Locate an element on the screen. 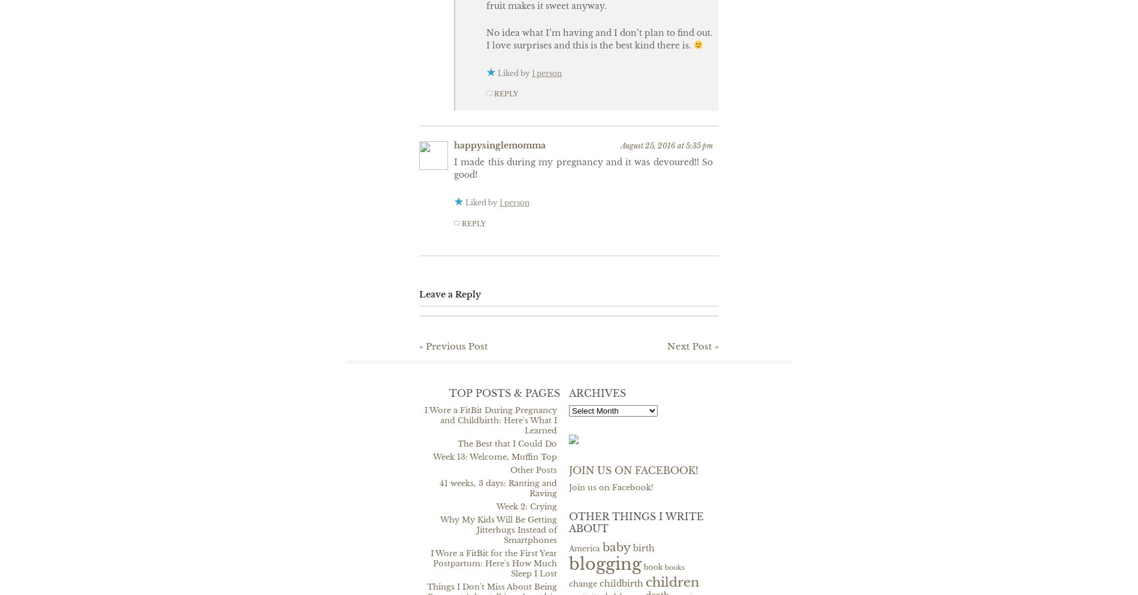 The image size is (1138, 595). 'The Best that I Could Do' is located at coordinates (507, 443).